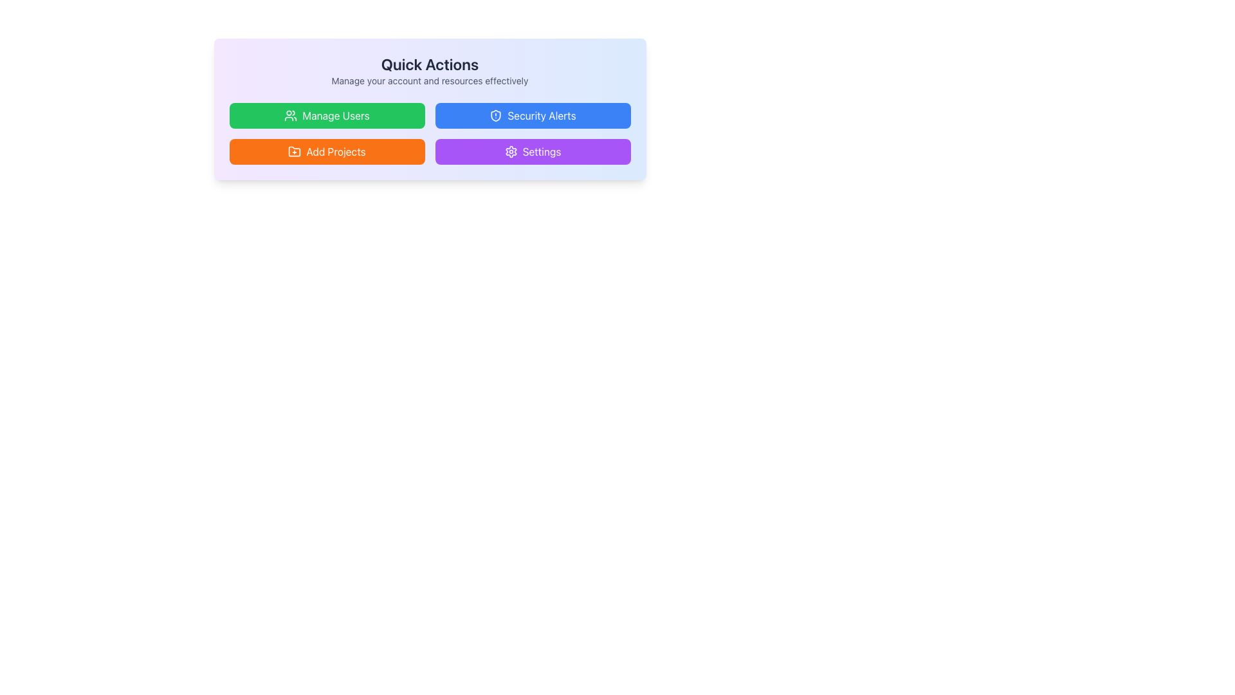 The image size is (1235, 695). What do you see at coordinates (533, 116) in the screenshot?
I see `the security alerts button located in the top-right section of the button grid, which is the second button in the first row, positioned to the right of the 'Manage Users' button` at bounding box center [533, 116].